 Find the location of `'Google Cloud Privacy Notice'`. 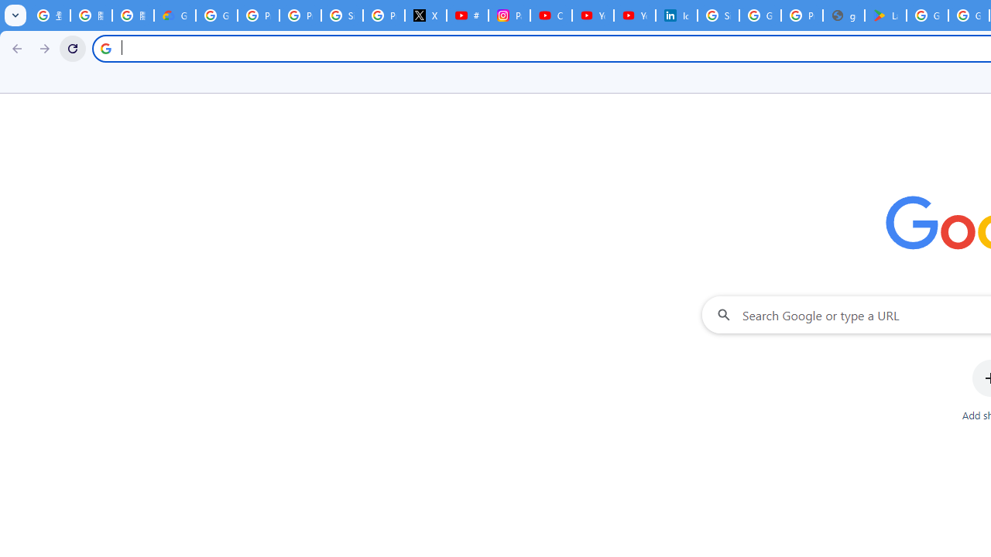

'Google Cloud Privacy Notice' is located at coordinates (174, 15).